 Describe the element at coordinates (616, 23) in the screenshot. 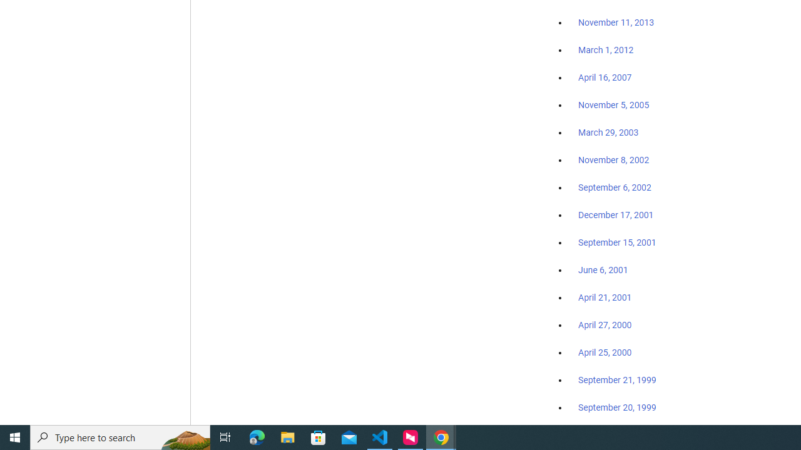

I see `'November 11, 2013'` at that location.